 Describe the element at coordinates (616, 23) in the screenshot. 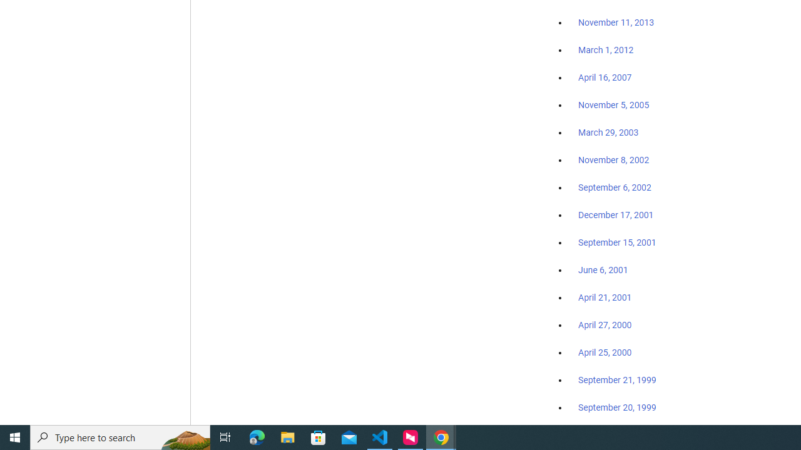

I see `'November 11, 2013'` at that location.